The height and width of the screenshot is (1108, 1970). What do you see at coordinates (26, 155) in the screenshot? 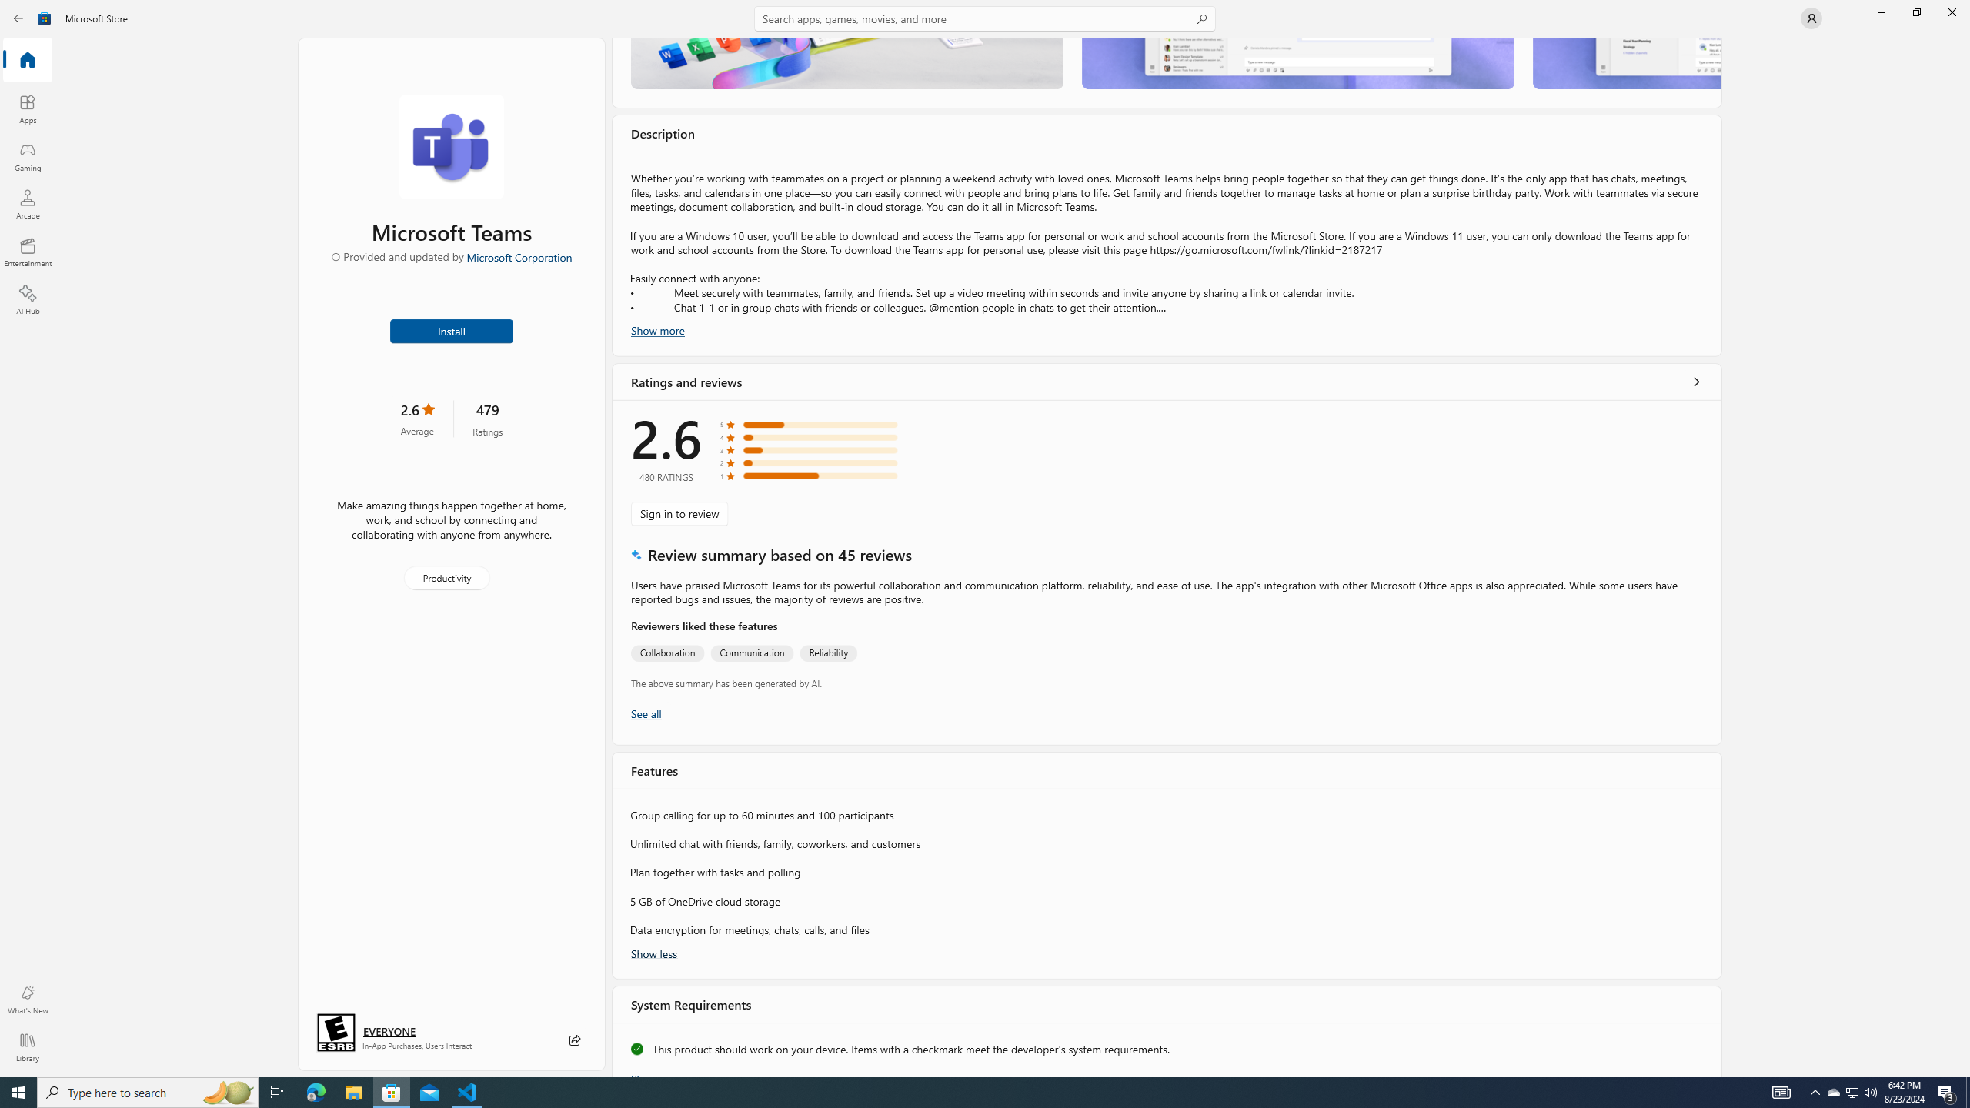
I see `'Gaming'` at bounding box center [26, 155].